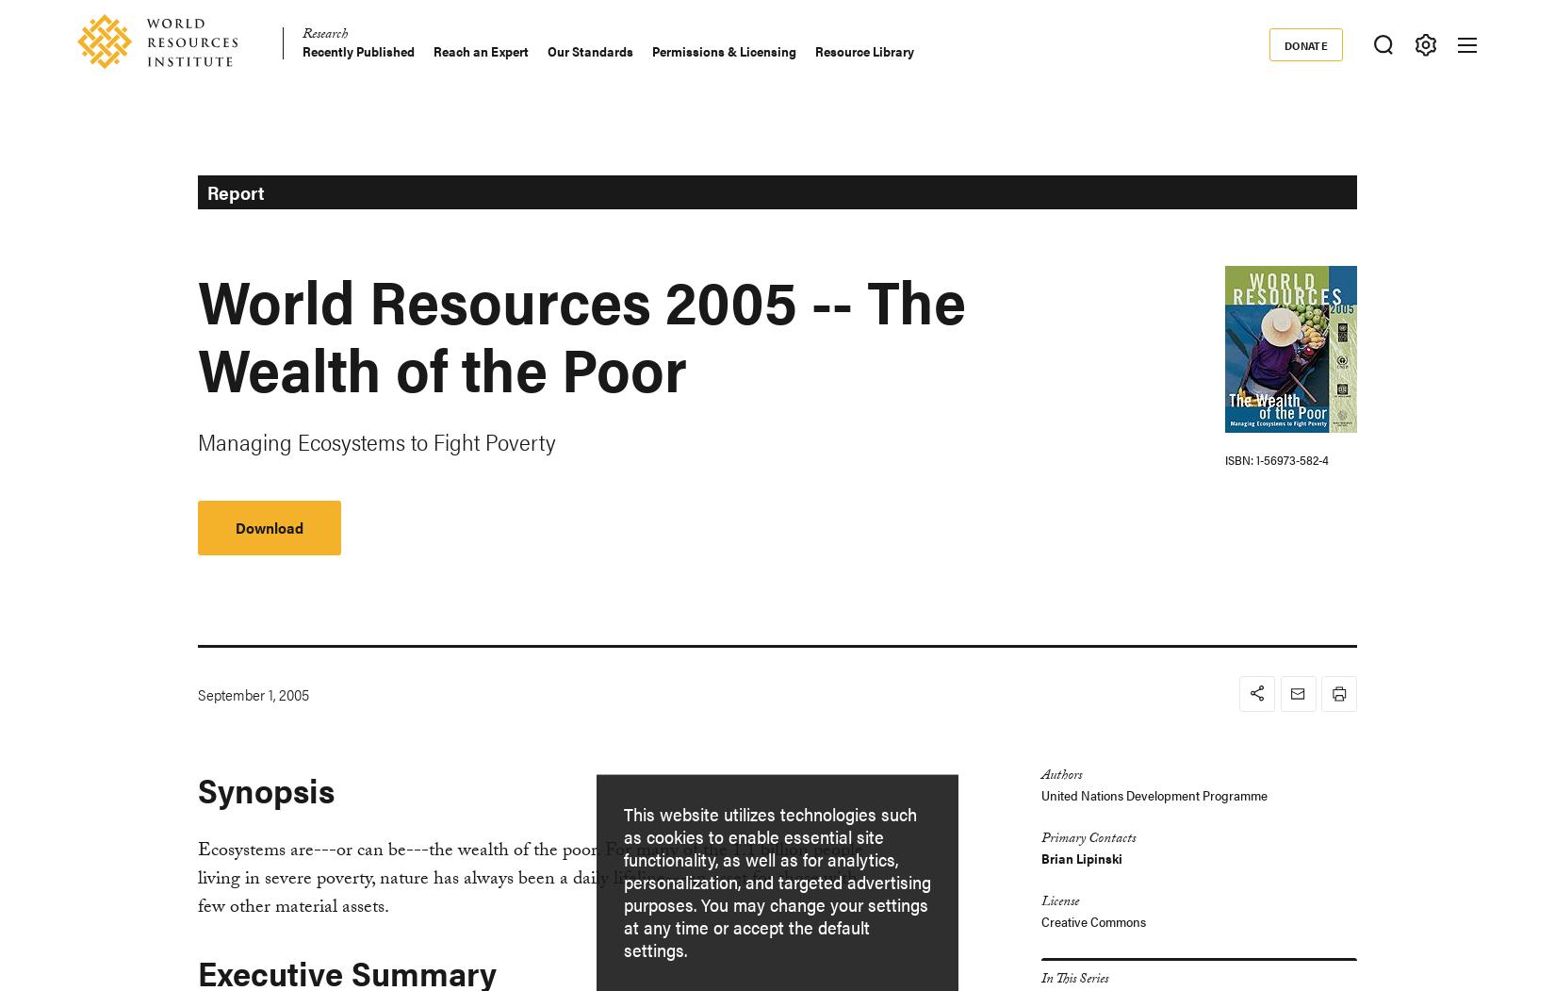 This screenshot has height=991, width=1555. Describe the element at coordinates (506, 258) in the screenshot. I see `'Our Work'` at that location.